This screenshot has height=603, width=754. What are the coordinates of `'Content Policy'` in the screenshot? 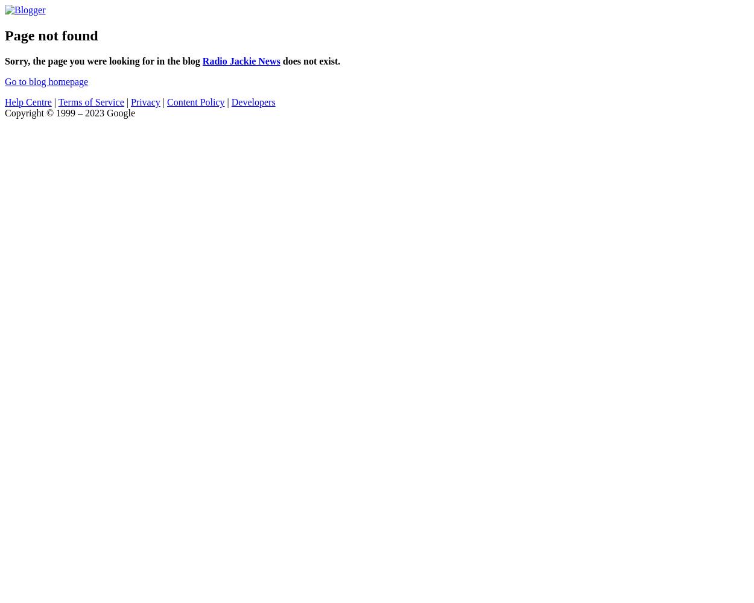 It's located at (195, 101).